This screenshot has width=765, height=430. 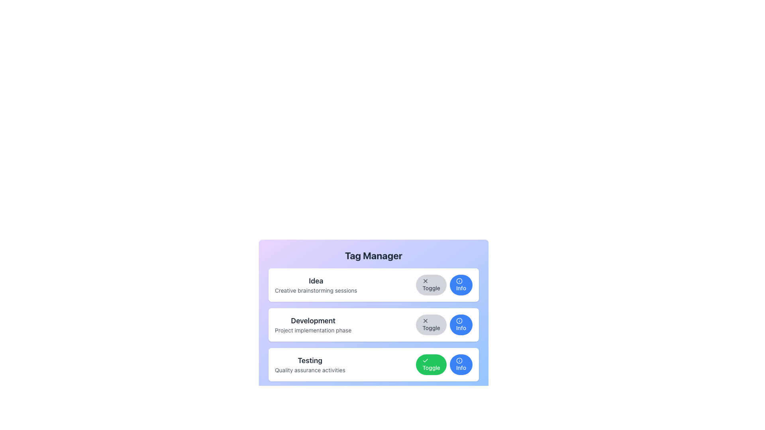 What do you see at coordinates (459, 361) in the screenshot?
I see `the circular graphical icon element within the 'Info' button of the 'Testing' section` at bounding box center [459, 361].